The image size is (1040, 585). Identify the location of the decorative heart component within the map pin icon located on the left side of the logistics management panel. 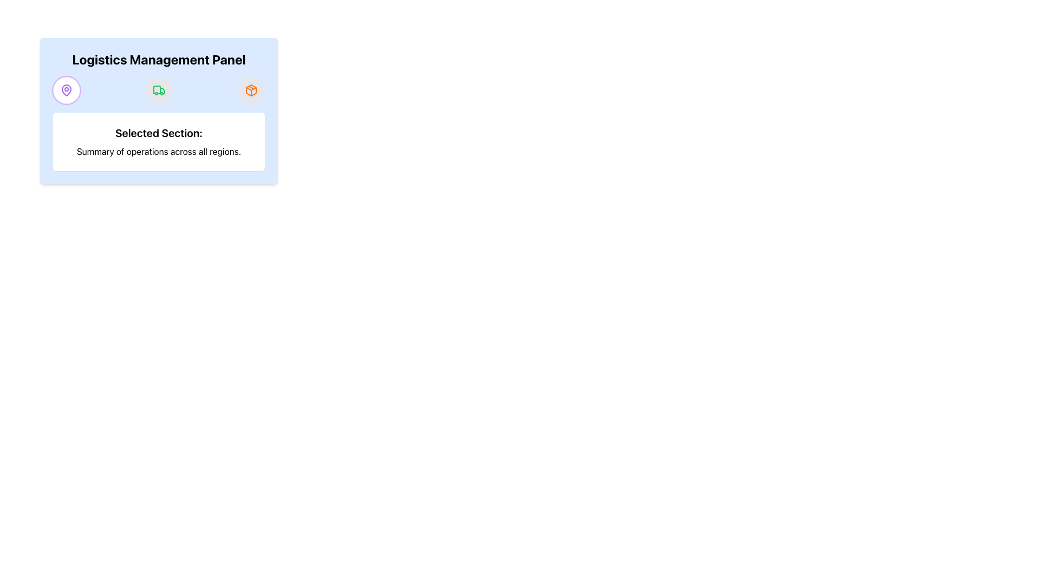
(66, 89).